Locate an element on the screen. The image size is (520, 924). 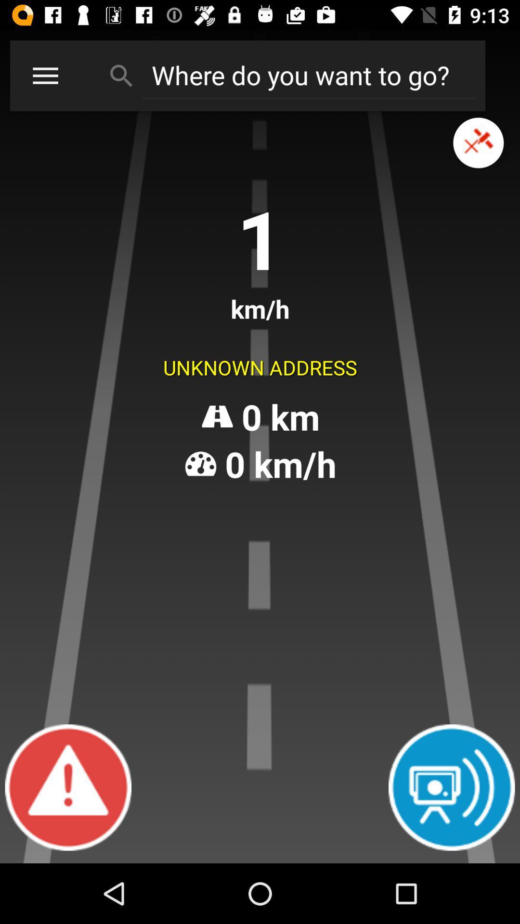
item above unknown address is located at coordinates (478, 142).